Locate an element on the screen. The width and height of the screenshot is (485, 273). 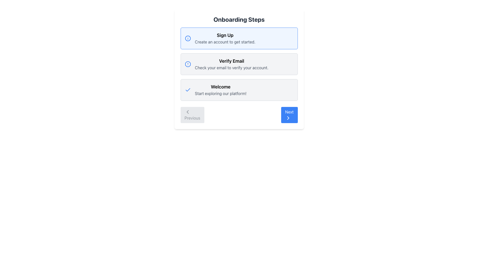
the bold, black text label reading 'Verify Email' located on a light gray card in the middle of a vertical stack of three cards under the 'Onboarding Steps' section is located at coordinates (231, 61).